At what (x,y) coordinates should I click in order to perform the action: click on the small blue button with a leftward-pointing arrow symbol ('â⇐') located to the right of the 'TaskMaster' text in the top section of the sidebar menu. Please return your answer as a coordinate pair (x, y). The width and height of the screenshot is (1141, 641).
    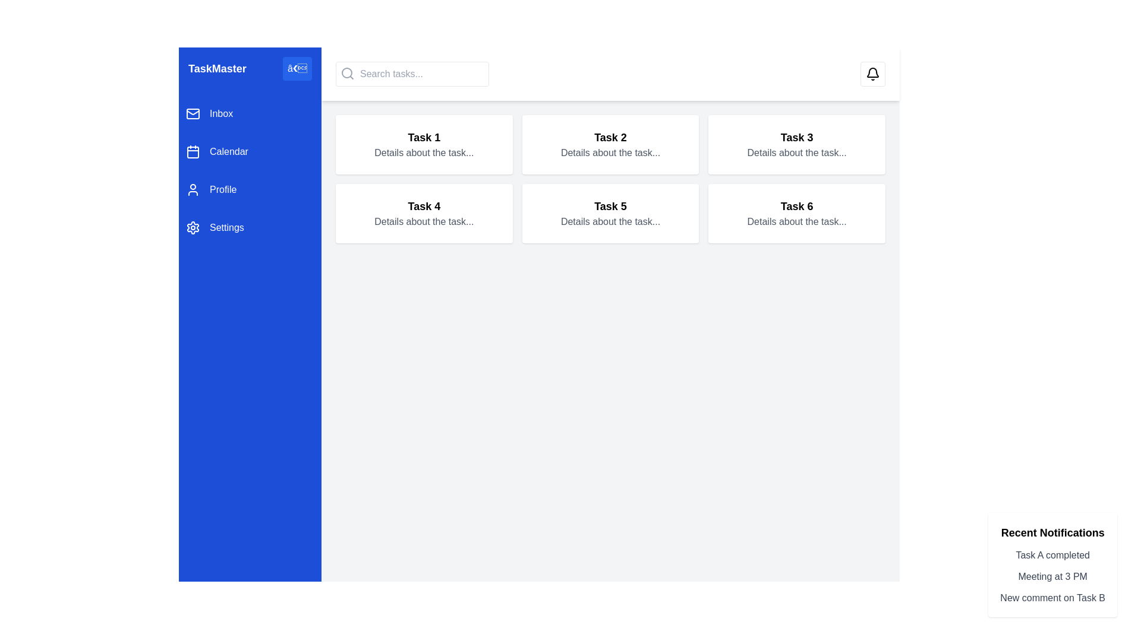
    Looking at the image, I should click on (297, 68).